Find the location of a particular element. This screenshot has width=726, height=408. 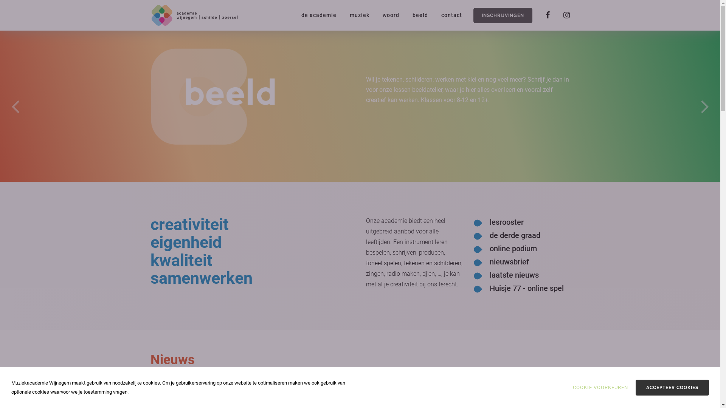

'woord' is located at coordinates (384, 13).